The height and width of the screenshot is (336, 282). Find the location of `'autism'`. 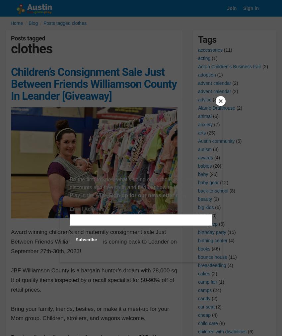

'autism' is located at coordinates (204, 149).